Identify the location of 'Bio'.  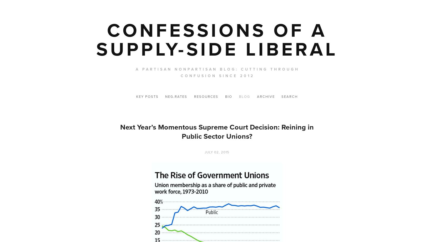
(225, 96).